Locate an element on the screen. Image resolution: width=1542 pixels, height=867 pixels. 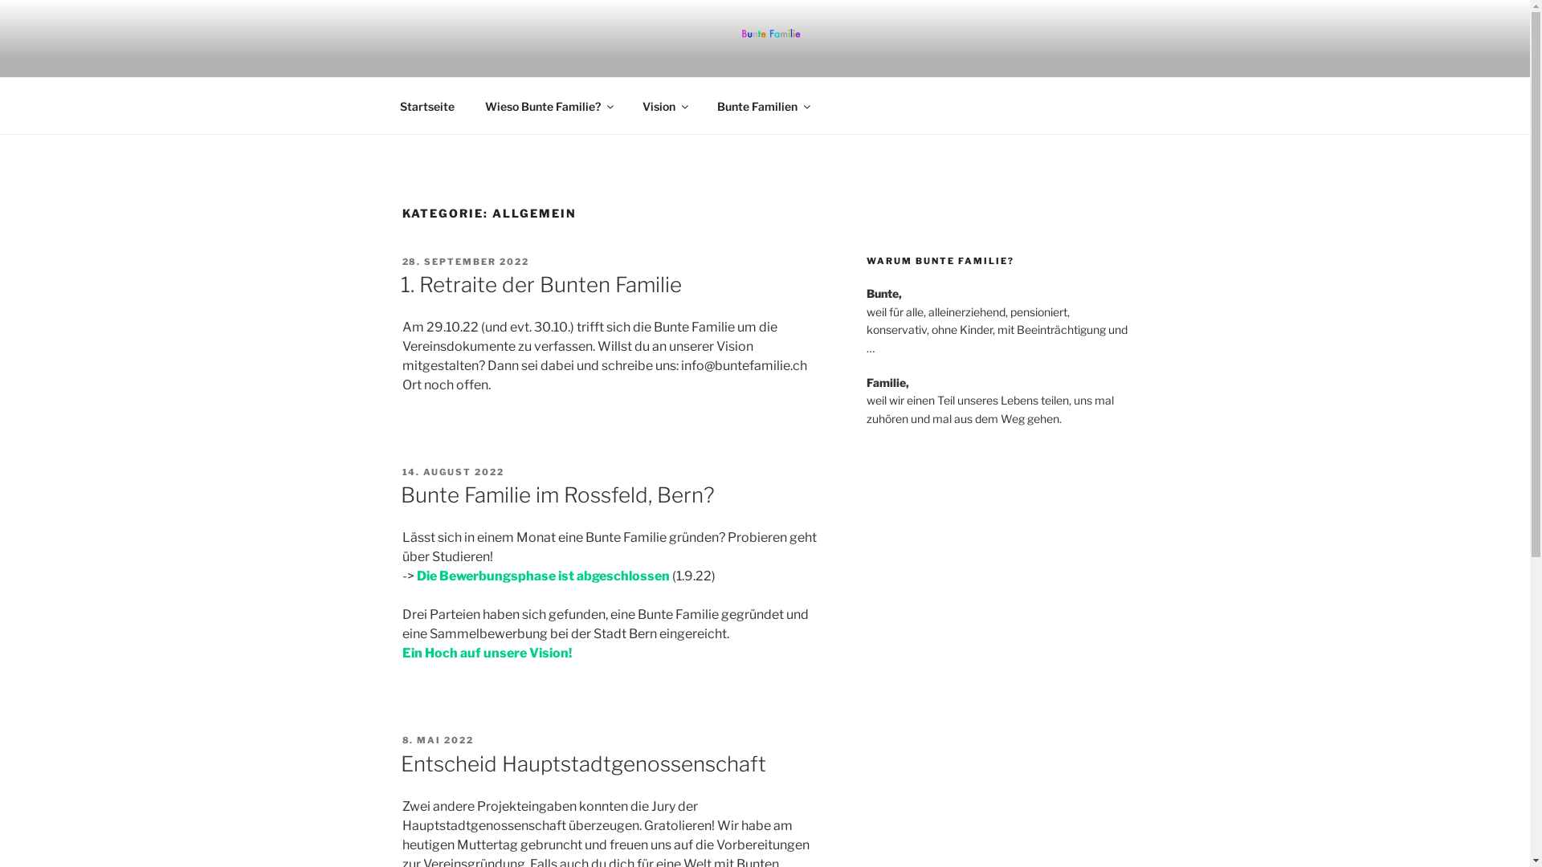
'Startseite' is located at coordinates (426, 106).